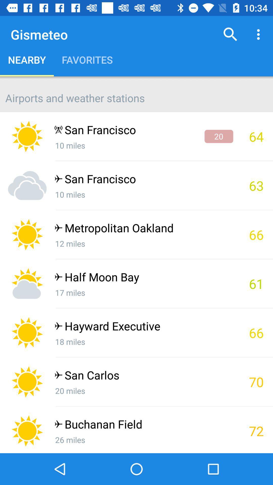  I want to click on the 20 miles, so click(144, 390).